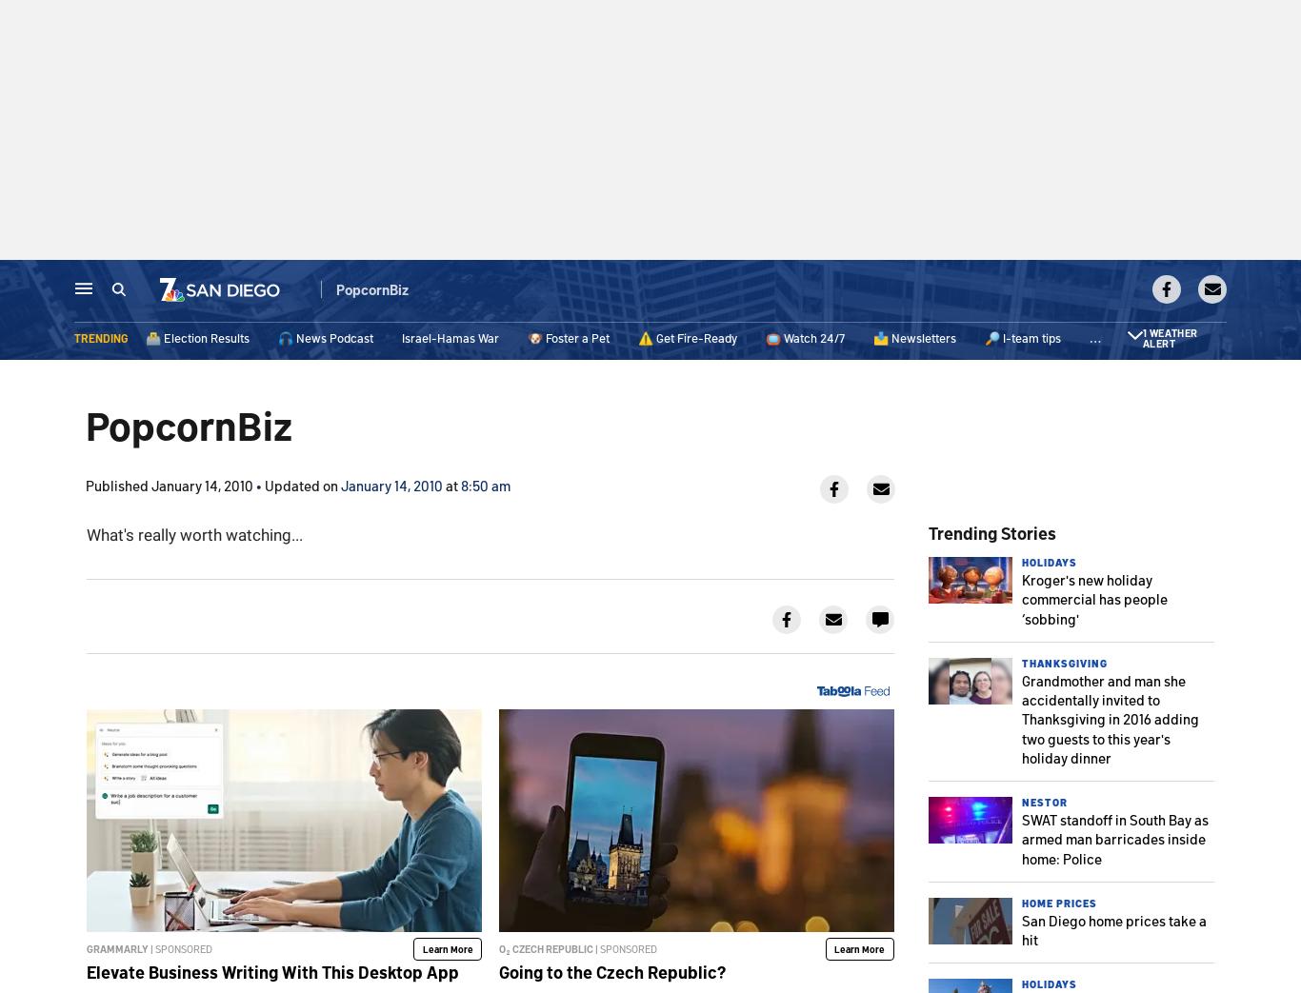  Describe the element at coordinates (320, 291) in the screenshot. I see `'Local'` at that location.